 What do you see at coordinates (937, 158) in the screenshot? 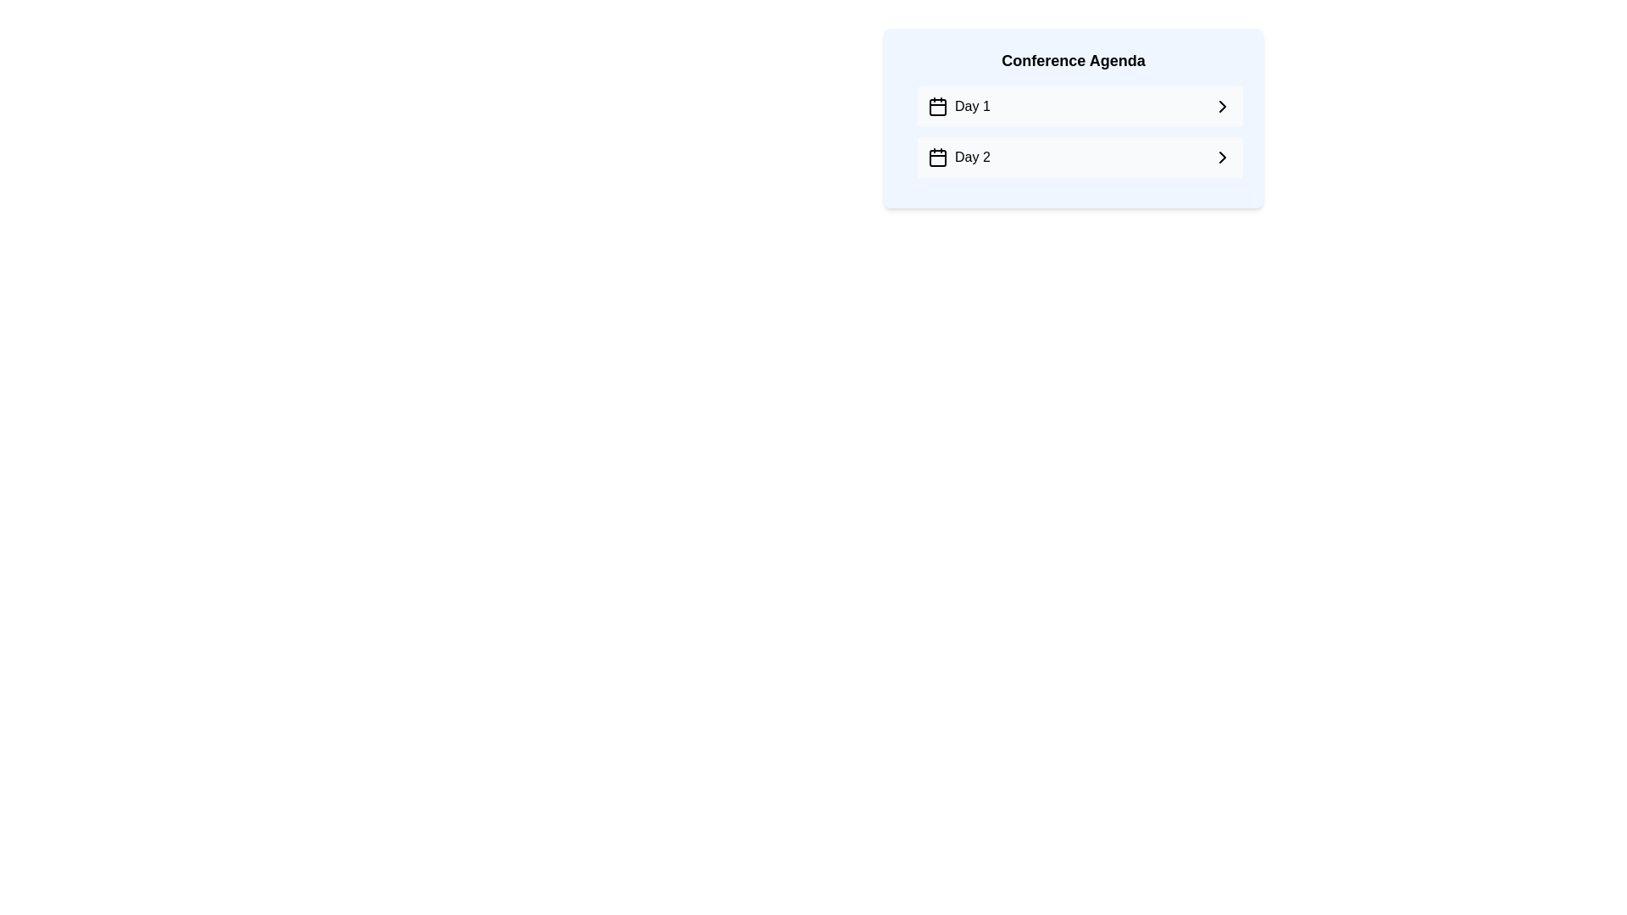
I see `the Calendar icon, which is a small rectangular icon with rounded corners located adjacent to the text 'Day 2' in the second row of the menu list titled 'Conference Agenda'` at bounding box center [937, 158].